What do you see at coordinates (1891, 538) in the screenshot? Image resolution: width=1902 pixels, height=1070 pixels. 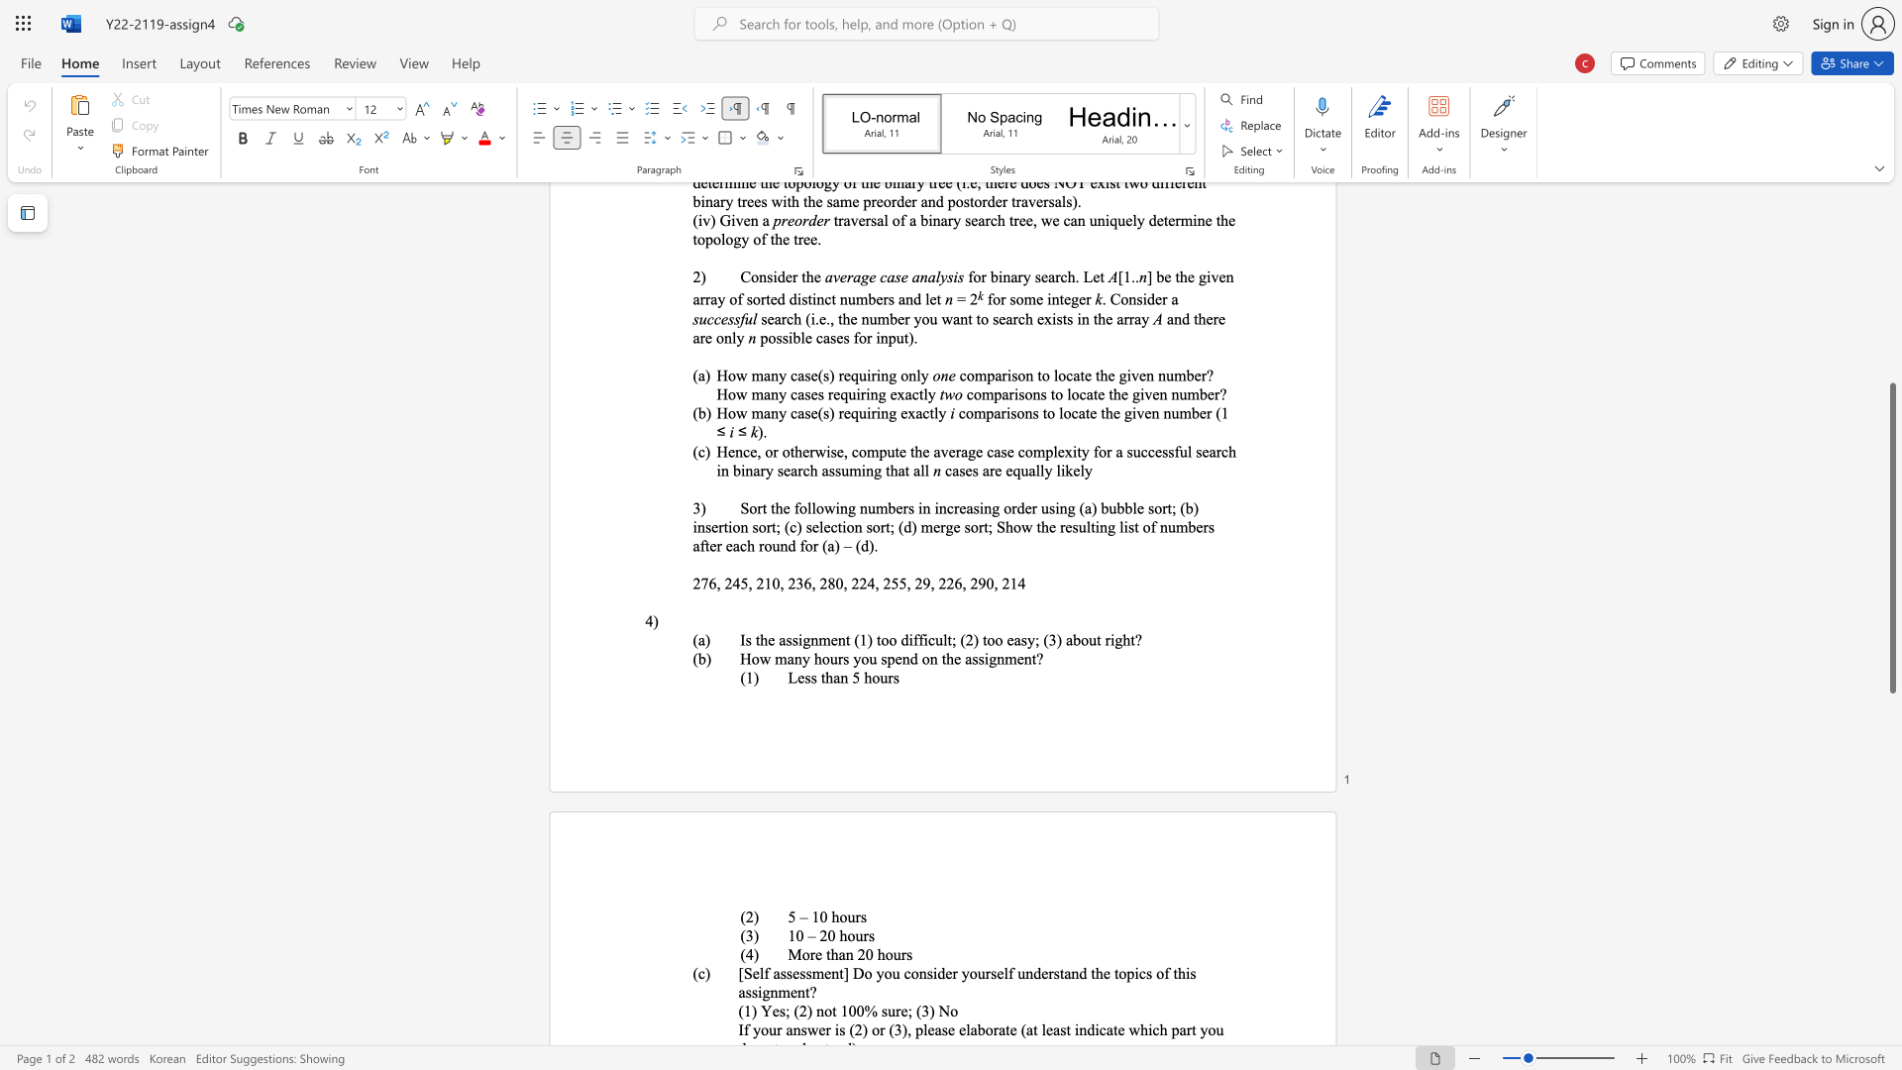 I see `the scrollbar and move down 110 pixels` at bounding box center [1891, 538].